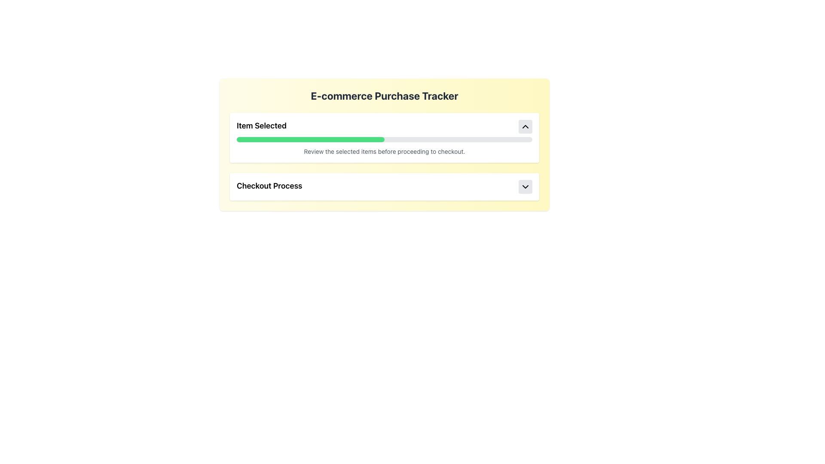 The height and width of the screenshot is (464, 825). Describe the element at coordinates (525, 126) in the screenshot. I see `the icon located within the rounded rectangular button at the far right of the progress bar, which is used to collapse or hide content` at that location.